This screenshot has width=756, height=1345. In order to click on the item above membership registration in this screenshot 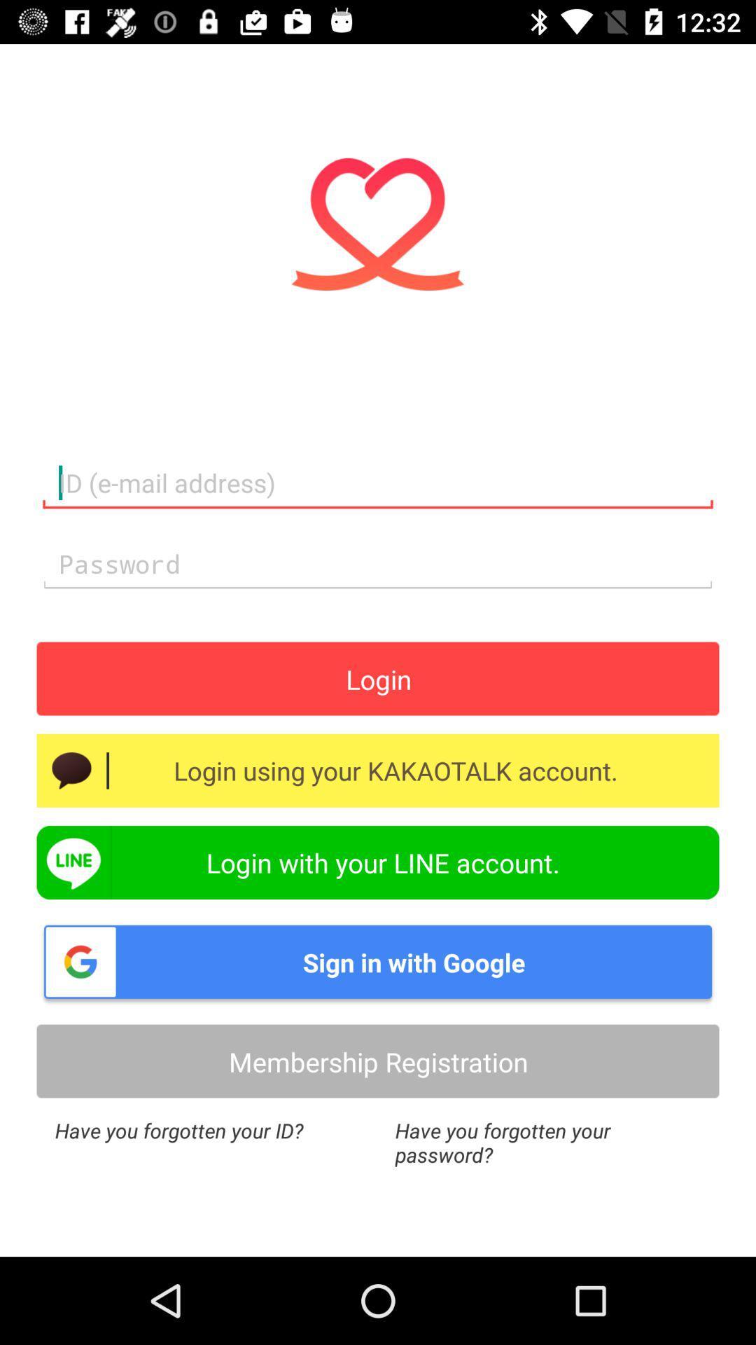, I will do `click(378, 961)`.